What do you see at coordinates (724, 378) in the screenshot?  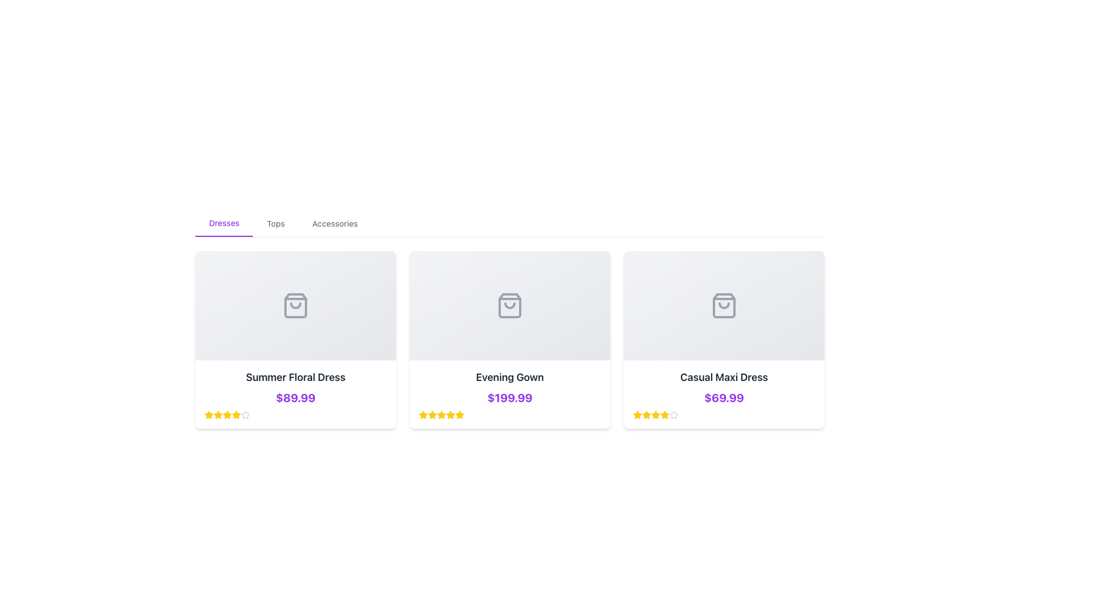 I see `the header label 'Casual Maxi Dress' to potentially trigger additional information` at bounding box center [724, 378].